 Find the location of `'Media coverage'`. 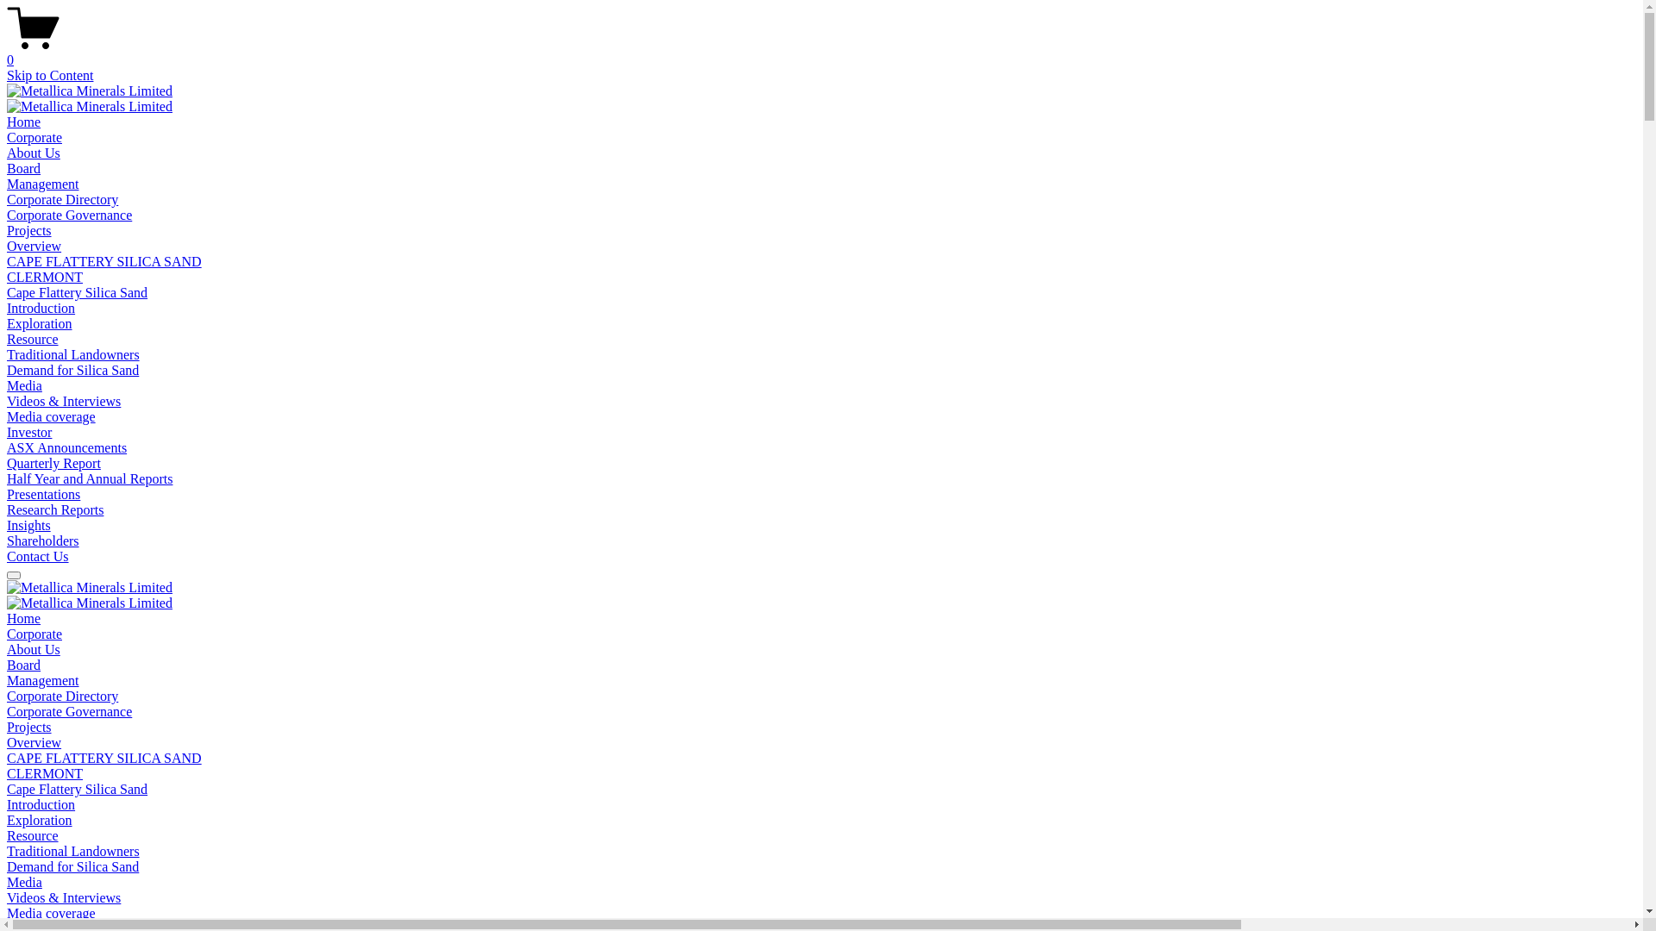

'Media coverage' is located at coordinates (51, 912).